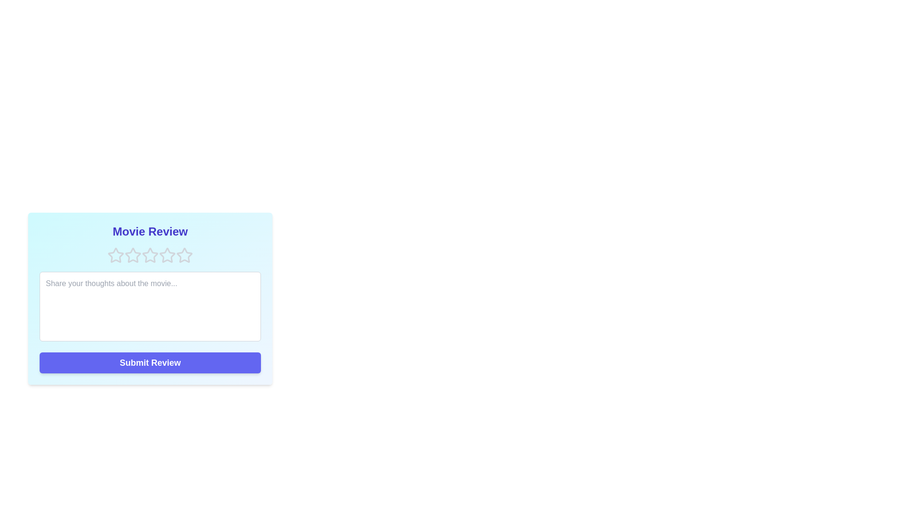 Image resolution: width=916 pixels, height=515 pixels. I want to click on the 'Movie Review' title to select it, so click(150, 232).